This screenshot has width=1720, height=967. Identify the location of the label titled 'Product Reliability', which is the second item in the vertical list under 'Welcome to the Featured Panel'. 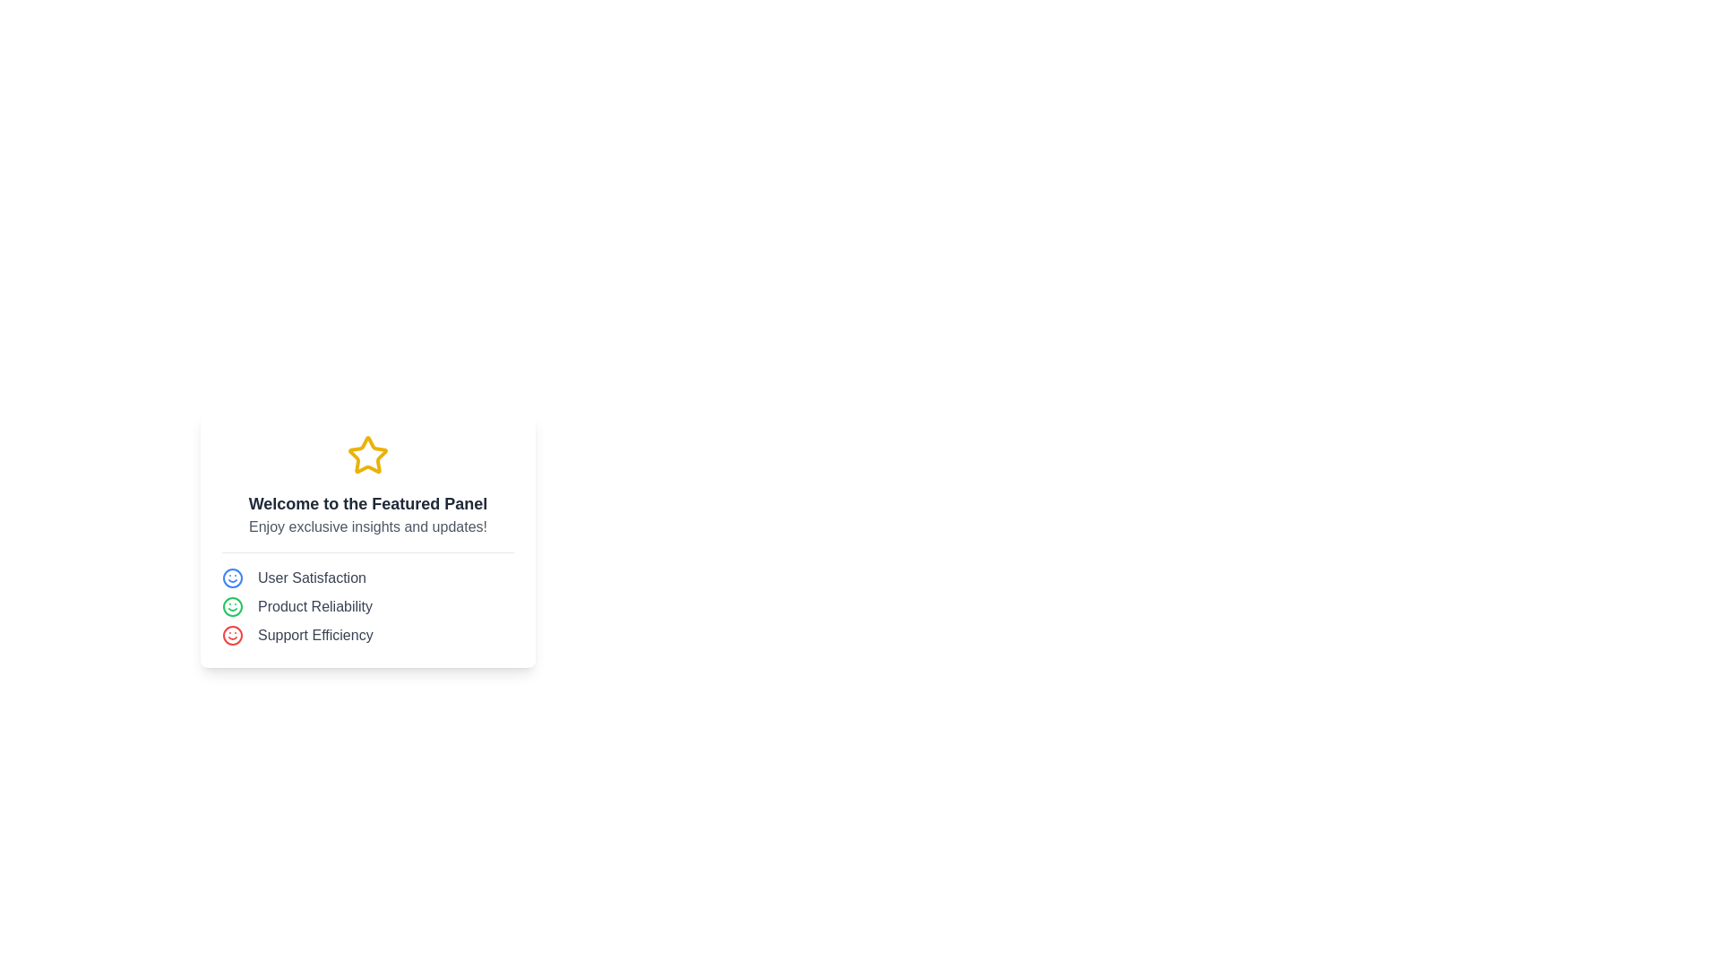
(314, 605).